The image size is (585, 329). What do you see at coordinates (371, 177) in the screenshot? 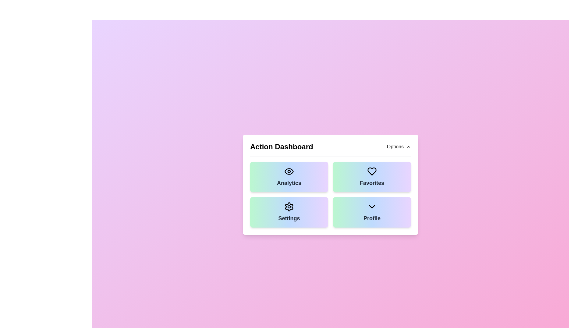
I see `the 'Favorites' card located in the top-right position of the grid layout, which allows users` at bounding box center [371, 177].